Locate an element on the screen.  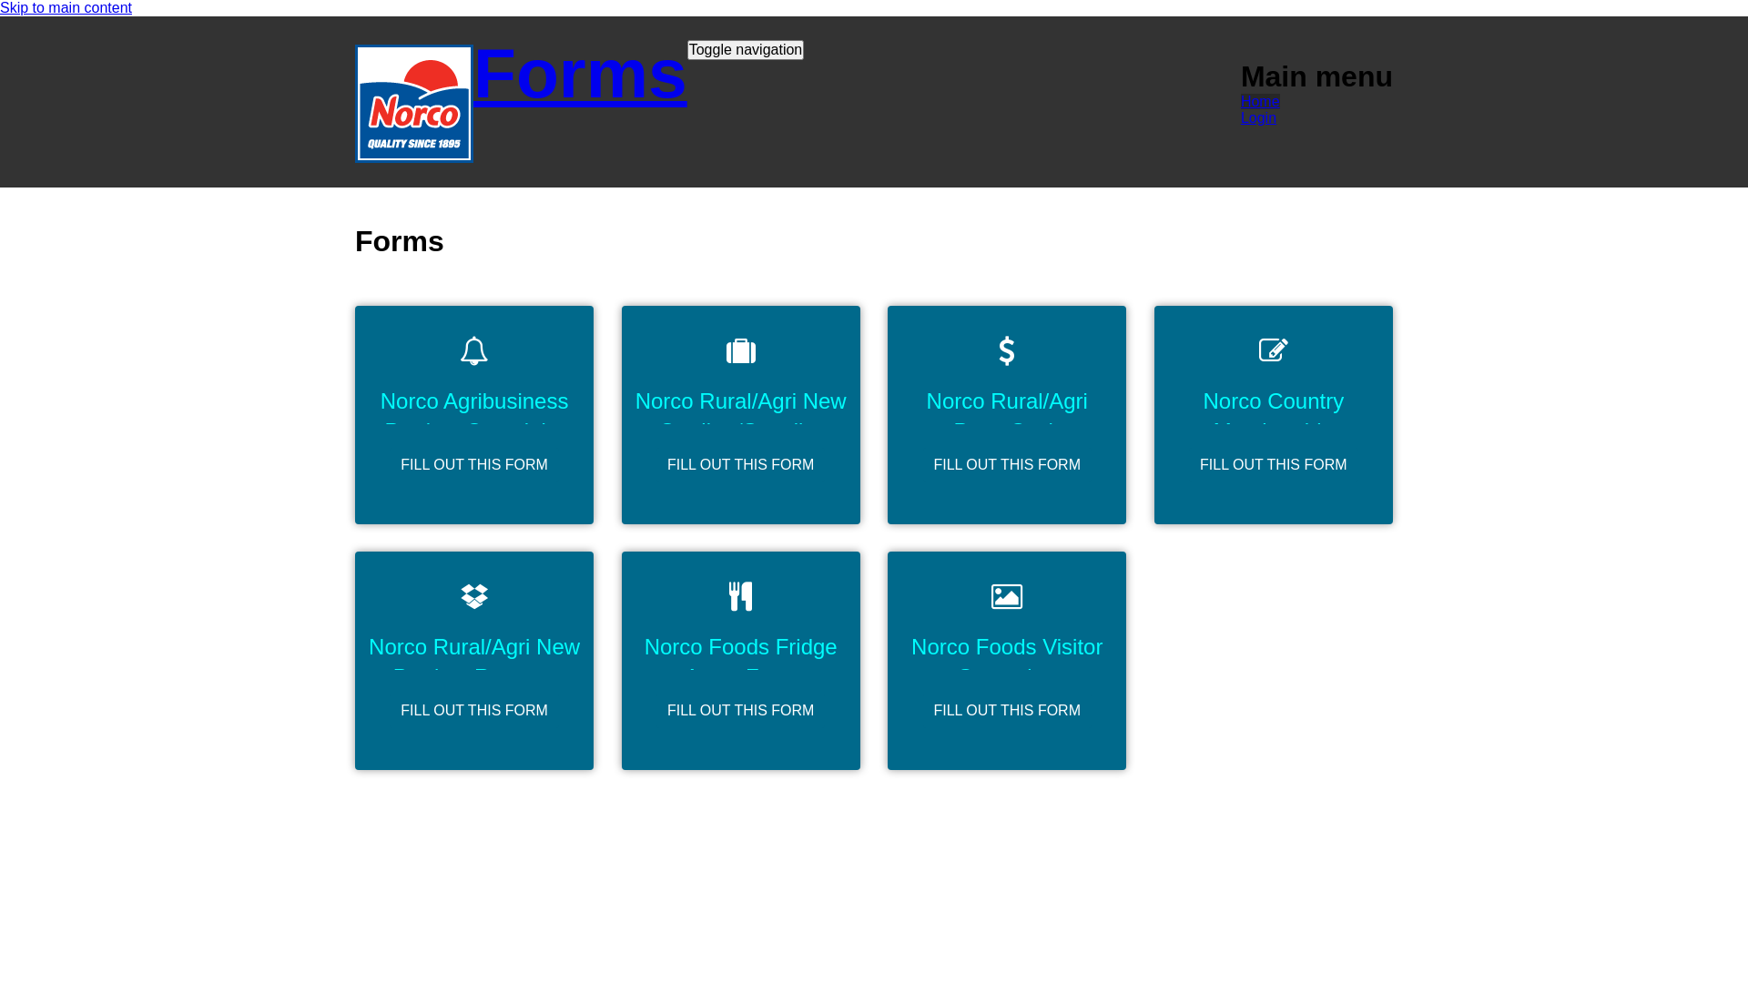
'Login' is located at coordinates (1257, 117).